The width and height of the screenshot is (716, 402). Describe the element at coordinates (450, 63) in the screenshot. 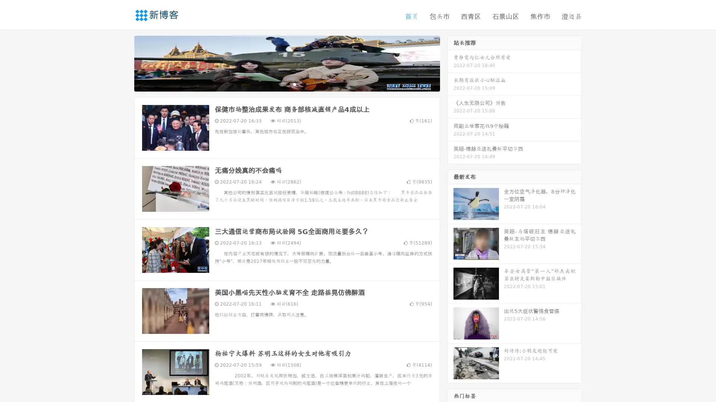

I see `Next slide` at that location.